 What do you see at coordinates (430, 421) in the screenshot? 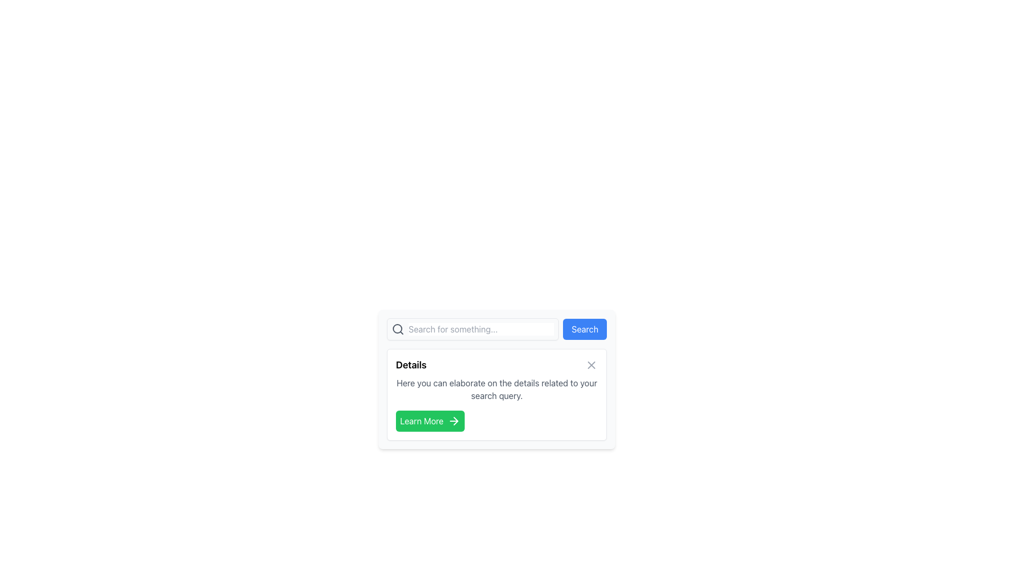
I see `the 'Learn More' button with a bright green background and white text located within the 'Details' card to observe the hover effect` at bounding box center [430, 421].